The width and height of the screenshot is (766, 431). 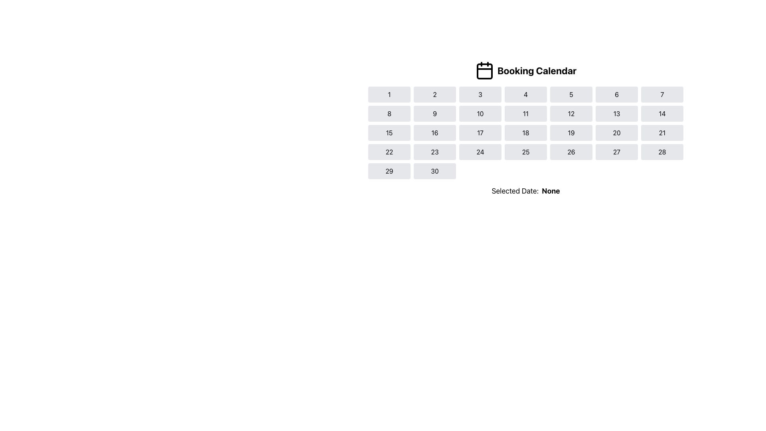 What do you see at coordinates (480, 94) in the screenshot?
I see `the selectable button for the date '3' in the calendar interface to observe hover effects` at bounding box center [480, 94].